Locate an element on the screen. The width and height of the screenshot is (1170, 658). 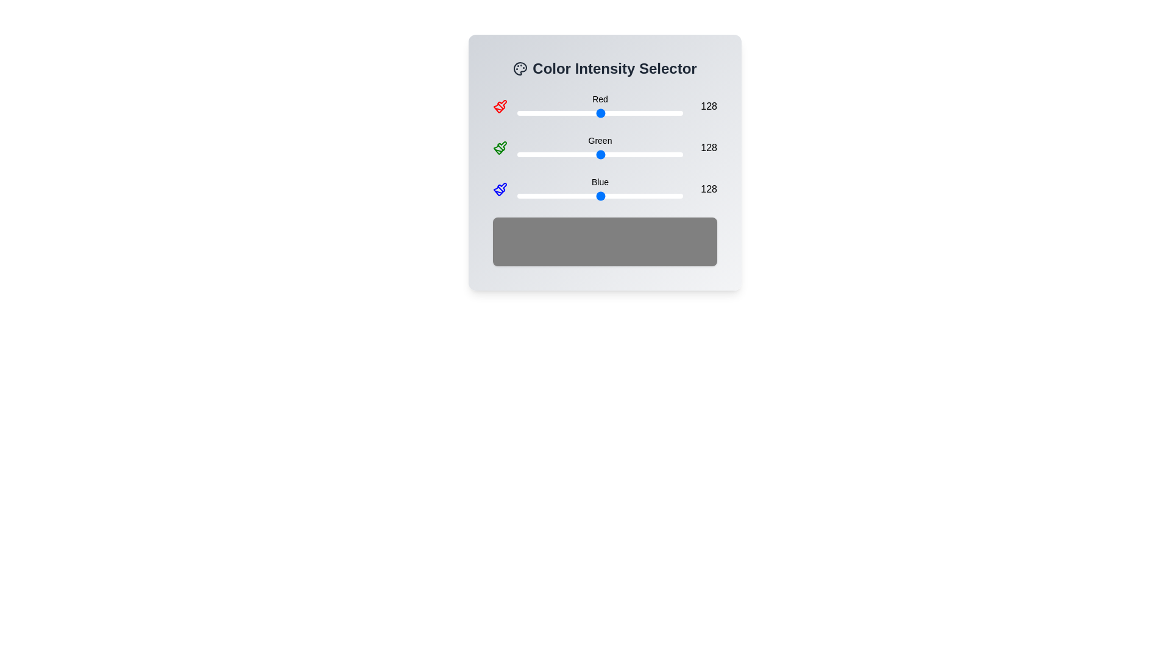
the red intensity is located at coordinates (526, 113).